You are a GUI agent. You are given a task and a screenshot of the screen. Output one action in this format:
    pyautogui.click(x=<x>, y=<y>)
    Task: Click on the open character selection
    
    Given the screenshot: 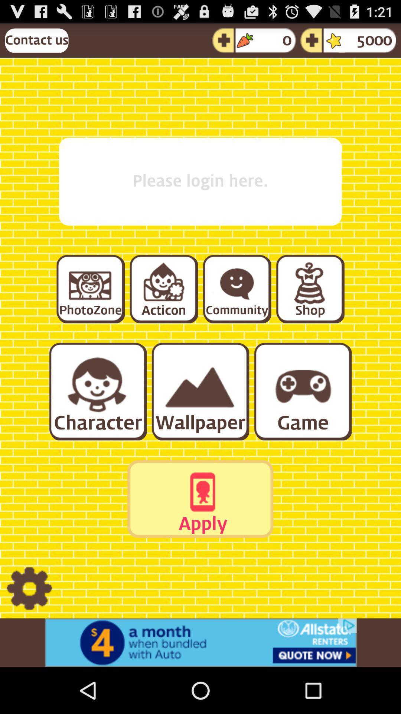 What is the action you would take?
    pyautogui.click(x=97, y=390)
    